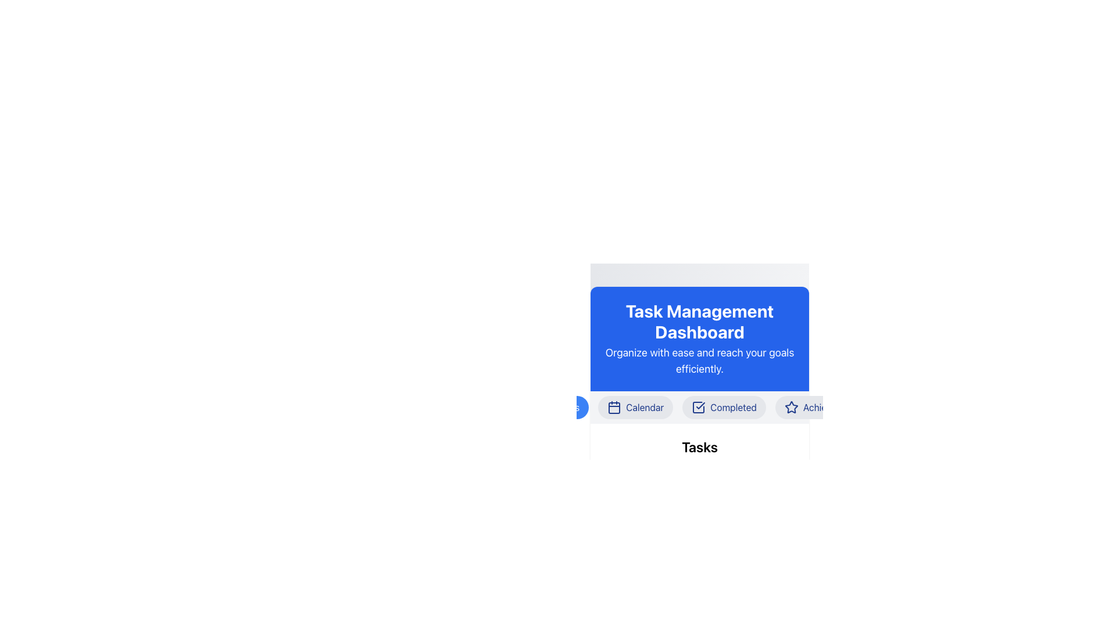 This screenshot has width=1116, height=627. Describe the element at coordinates (699, 407) in the screenshot. I see `the third button in the row below the 'Task Management Dashboard' header` at that location.